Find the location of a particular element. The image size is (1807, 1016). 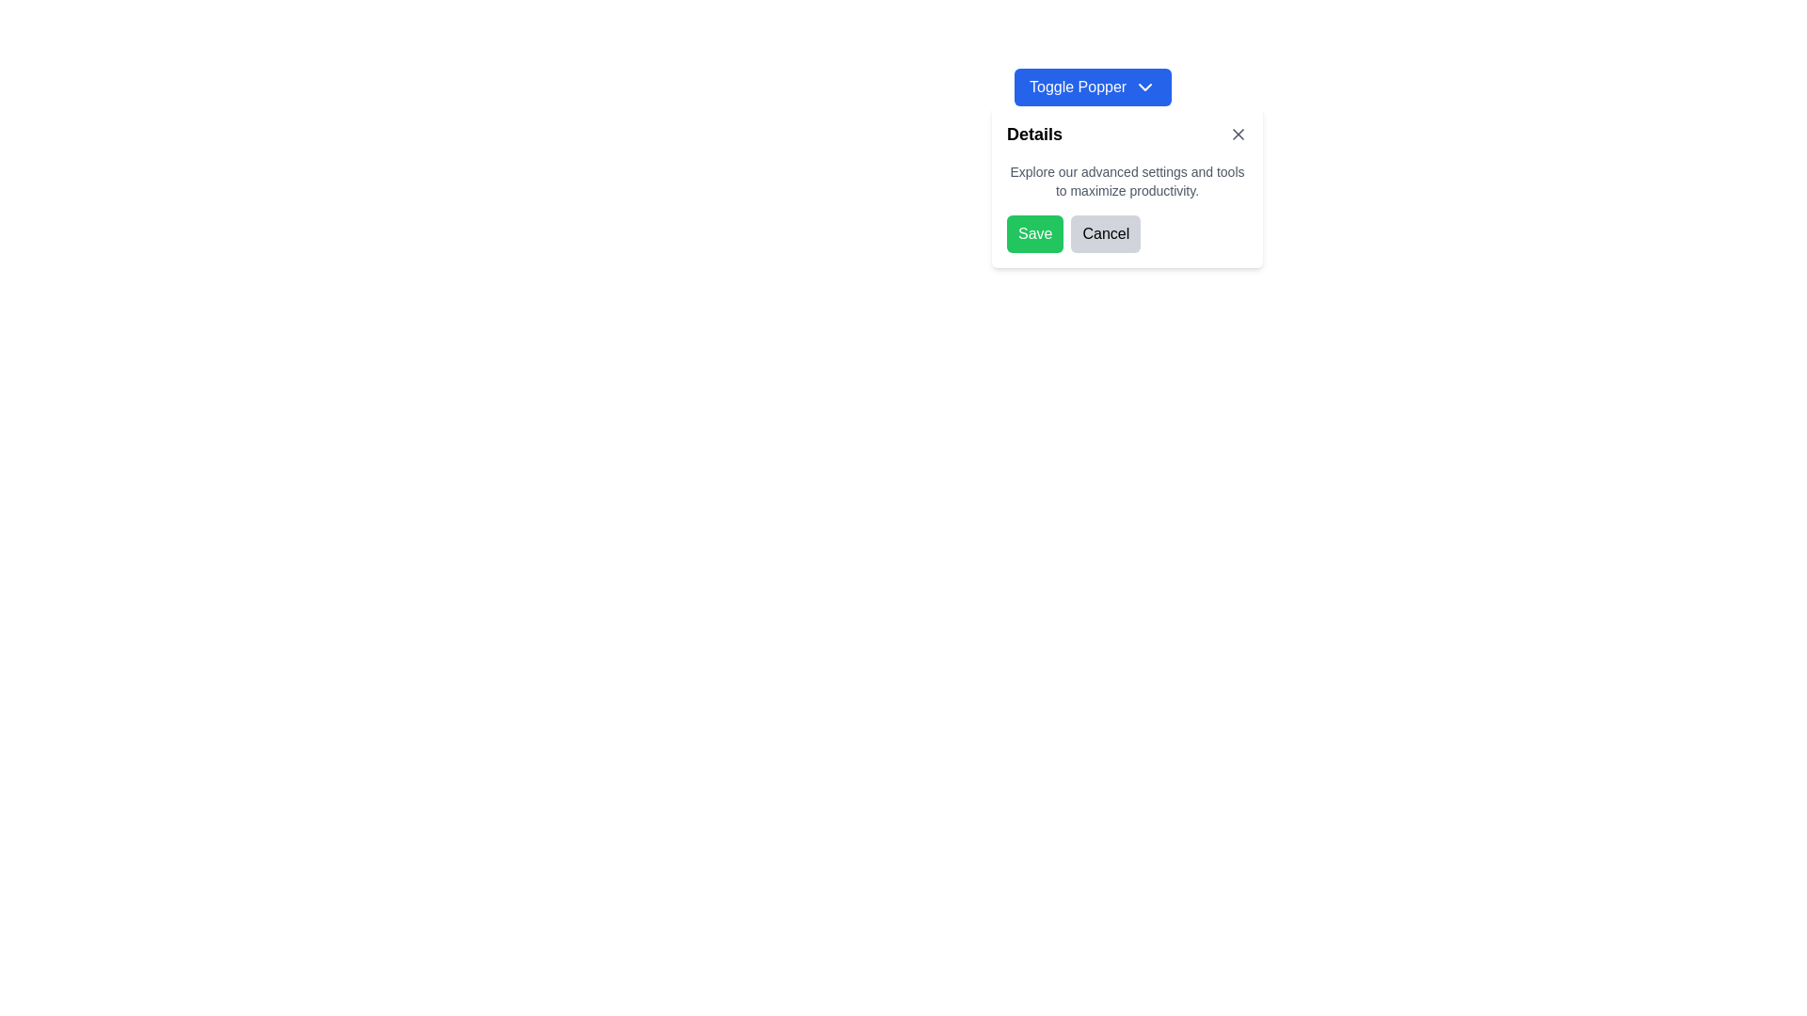

the close button located in the top-right corner of the 'Details' popup card is located at coordinates (1238, 133).